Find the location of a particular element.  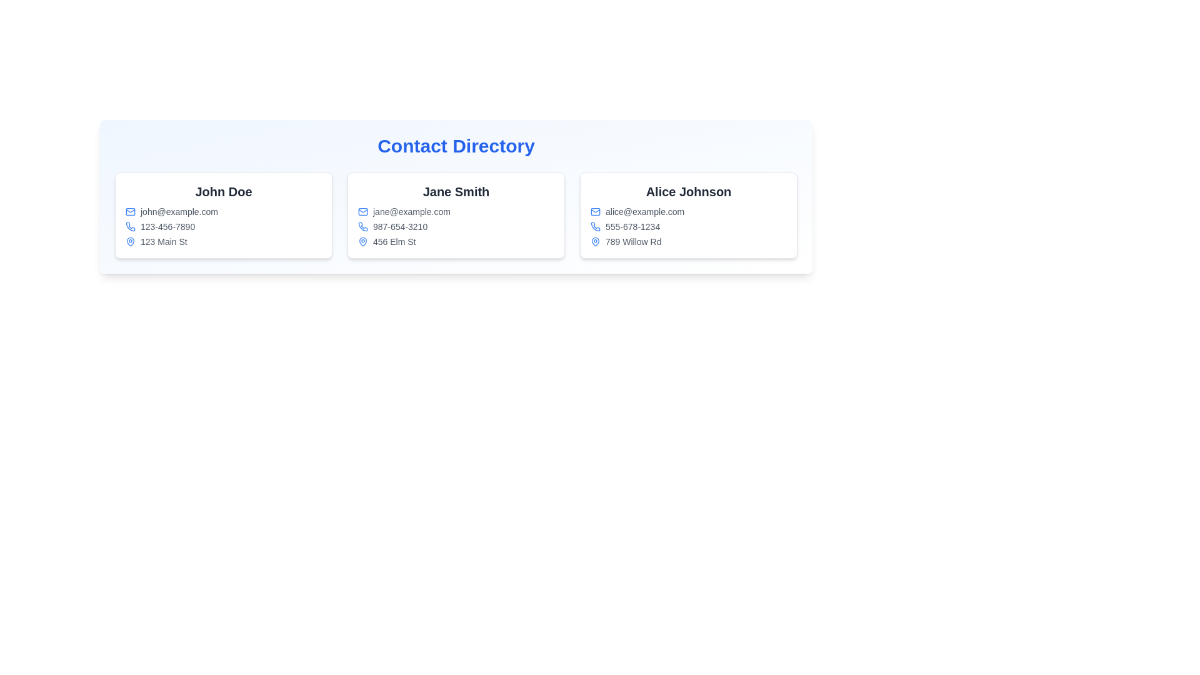

the email icon representing 'jane@example.com' in the second contact card of the 'Contact Directory' section is located at coordinates (362, 211).